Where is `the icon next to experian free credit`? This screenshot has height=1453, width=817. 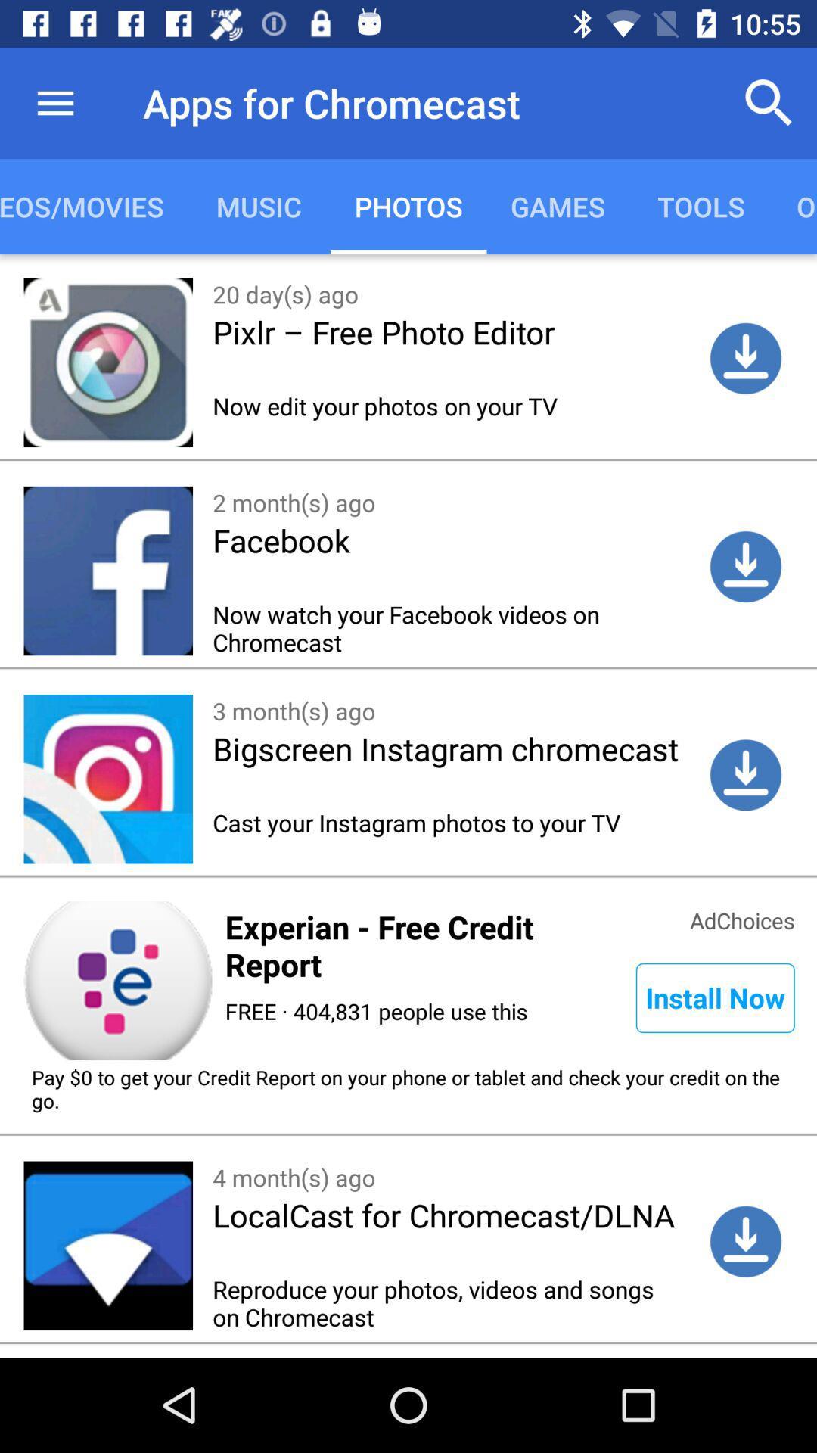
the icon next to experian free credit is located at coordinates (741, 918).